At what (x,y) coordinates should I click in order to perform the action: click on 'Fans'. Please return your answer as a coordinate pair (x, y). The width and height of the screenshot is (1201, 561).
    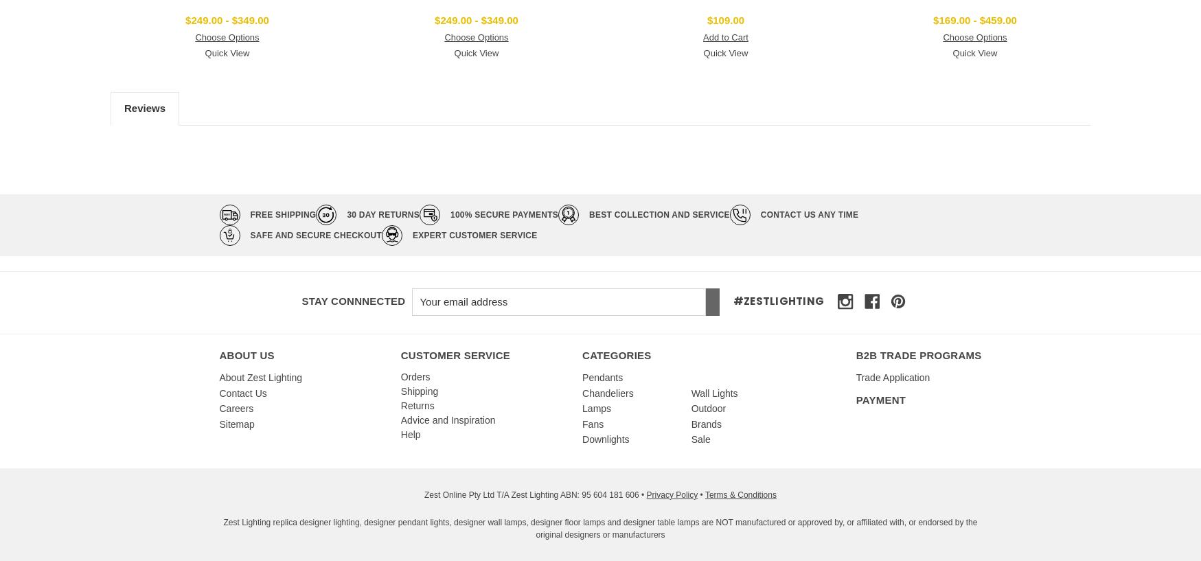
    Looking at the image, I should click on (592, 423).